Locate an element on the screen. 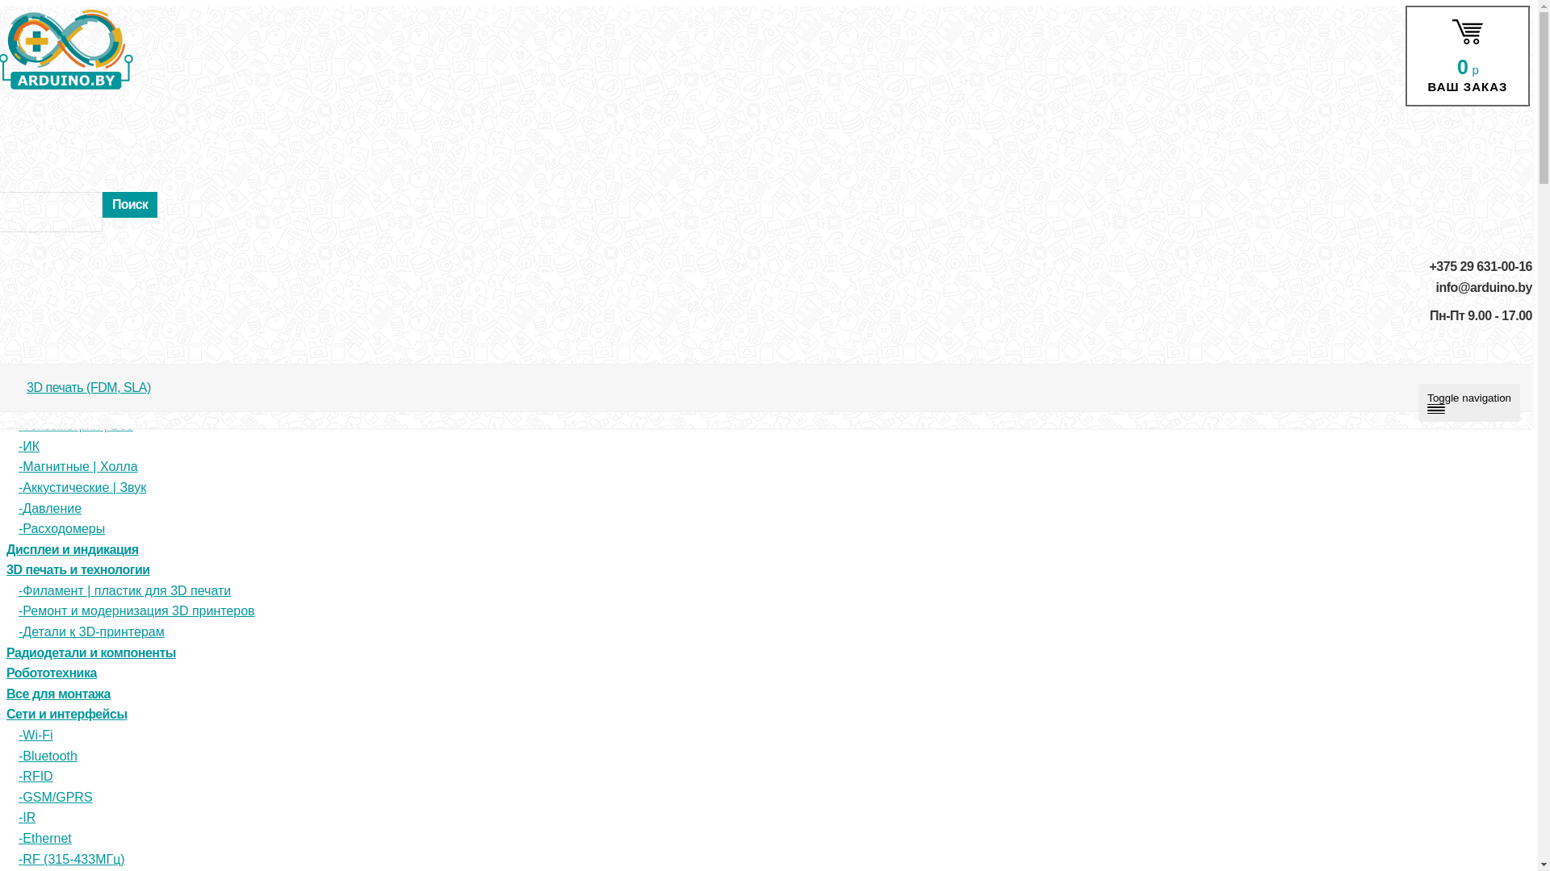 The height and width of the screenshot is (871, 1550). 'Toggle navigation' is located at coordinates (1468, 402).